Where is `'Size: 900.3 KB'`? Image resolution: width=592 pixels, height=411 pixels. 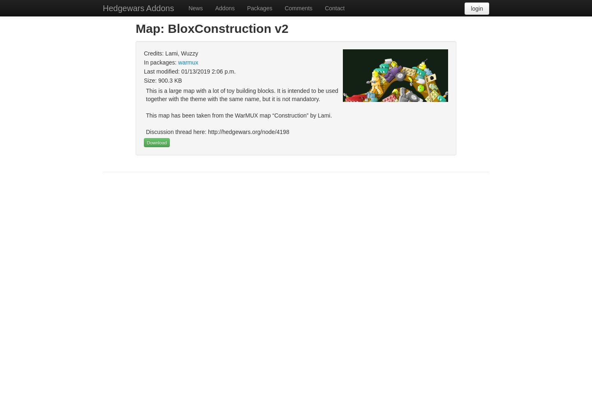
'Size: 900.3 KB' is located at coordinates (162, 80).